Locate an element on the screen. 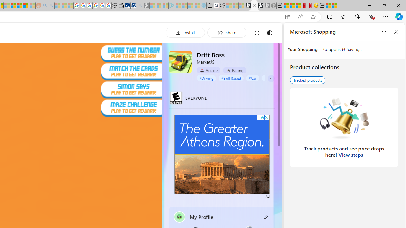  'Close tab' is located at coordinates (254, 5).